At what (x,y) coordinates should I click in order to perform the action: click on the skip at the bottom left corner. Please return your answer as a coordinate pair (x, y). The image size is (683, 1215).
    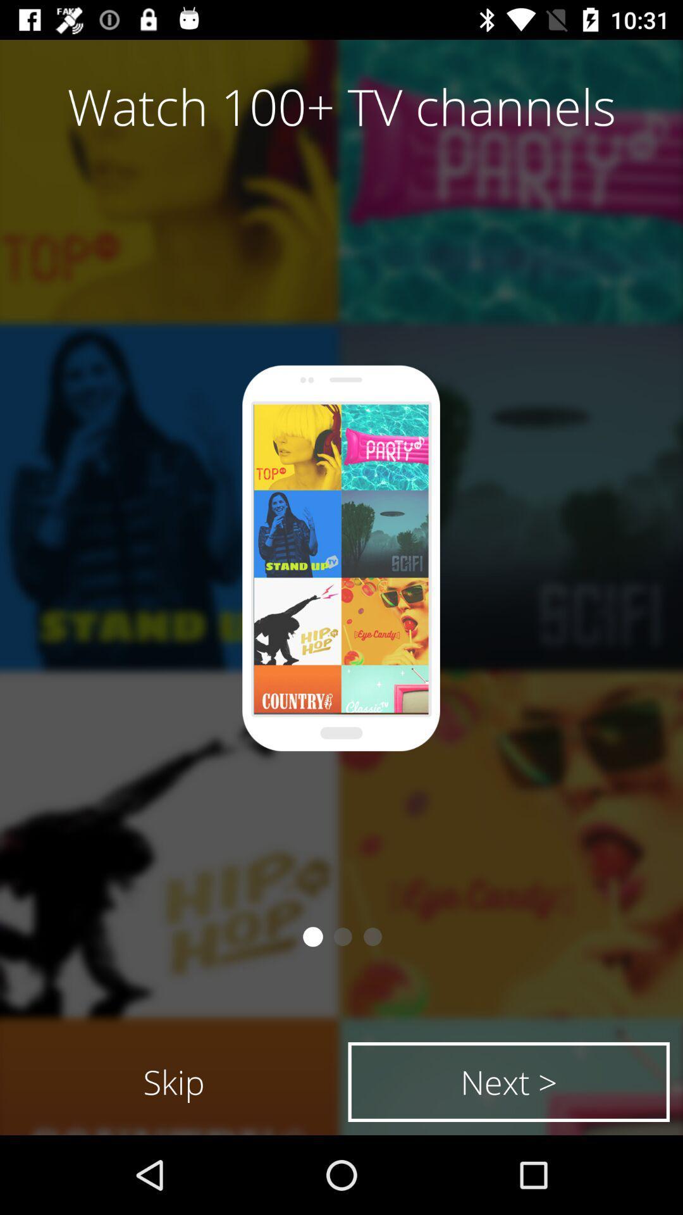
    Looking at the image, I should click on (174, 1081).